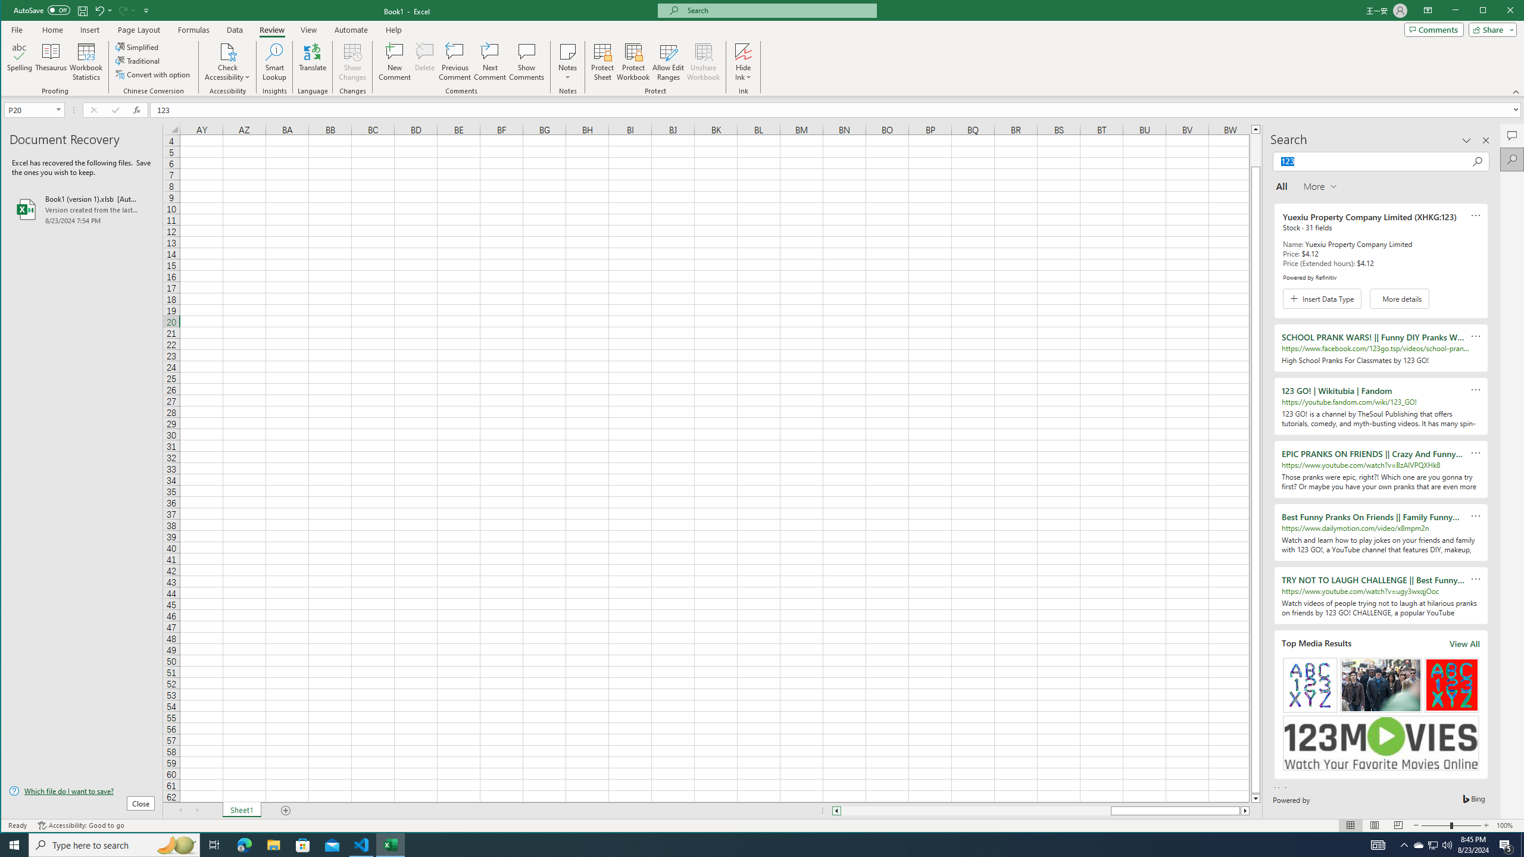  Describe the element at coordinates (99, 10) in the screenshot. I see `'Undo'` at that location.